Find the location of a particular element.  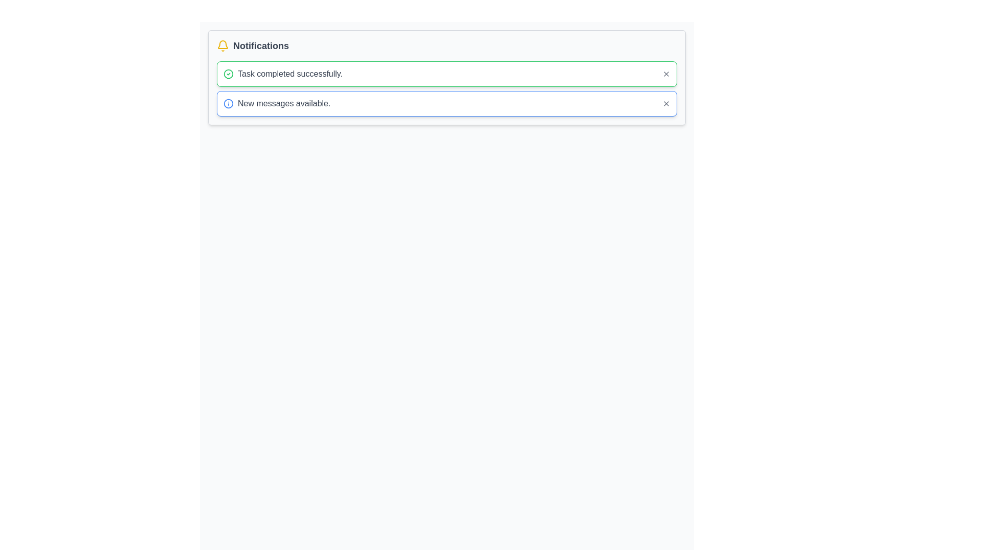

the SVG circle element that serves as the base structure for the icon in the upper right corner of the notification card is located at coordinates (228, 104).